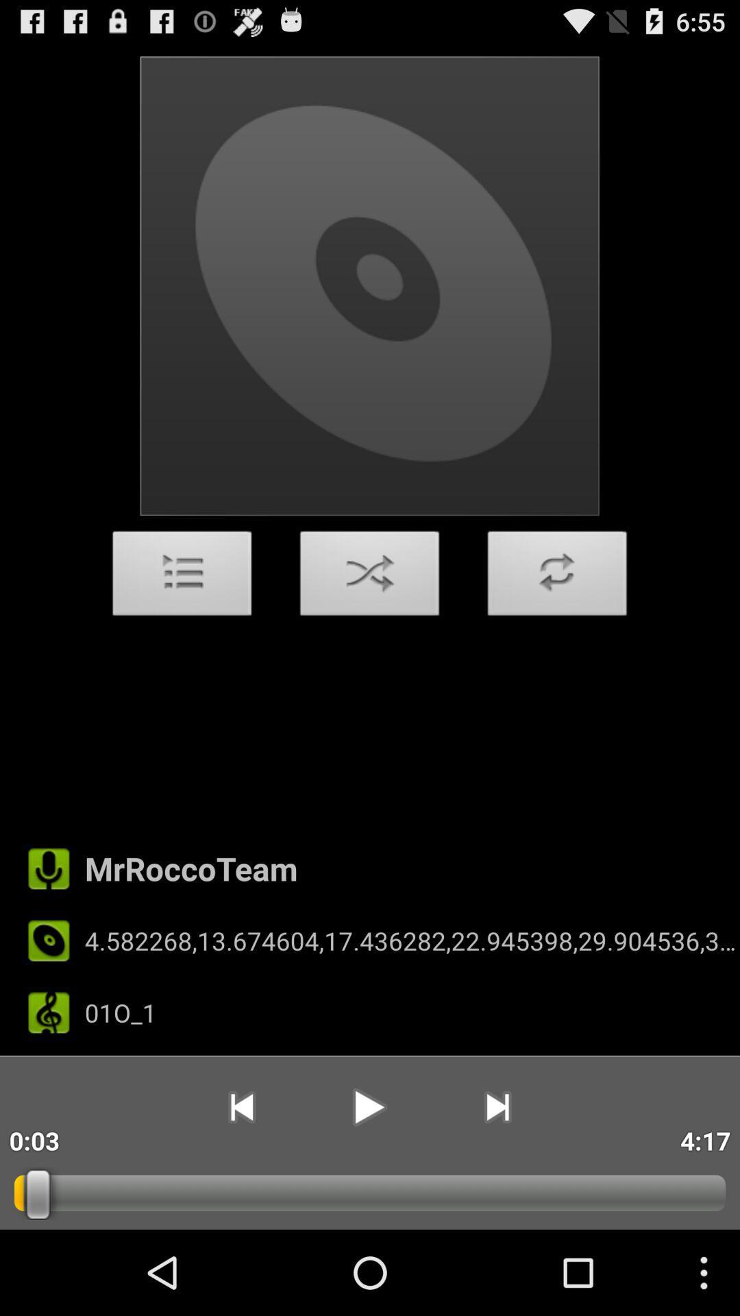 This screenshot has height=1316, width=740. What do you see at coordinates (370, 577) in the screenshot?
I see `app above the mrroccoteam icon` at bounding box center [370, 577].